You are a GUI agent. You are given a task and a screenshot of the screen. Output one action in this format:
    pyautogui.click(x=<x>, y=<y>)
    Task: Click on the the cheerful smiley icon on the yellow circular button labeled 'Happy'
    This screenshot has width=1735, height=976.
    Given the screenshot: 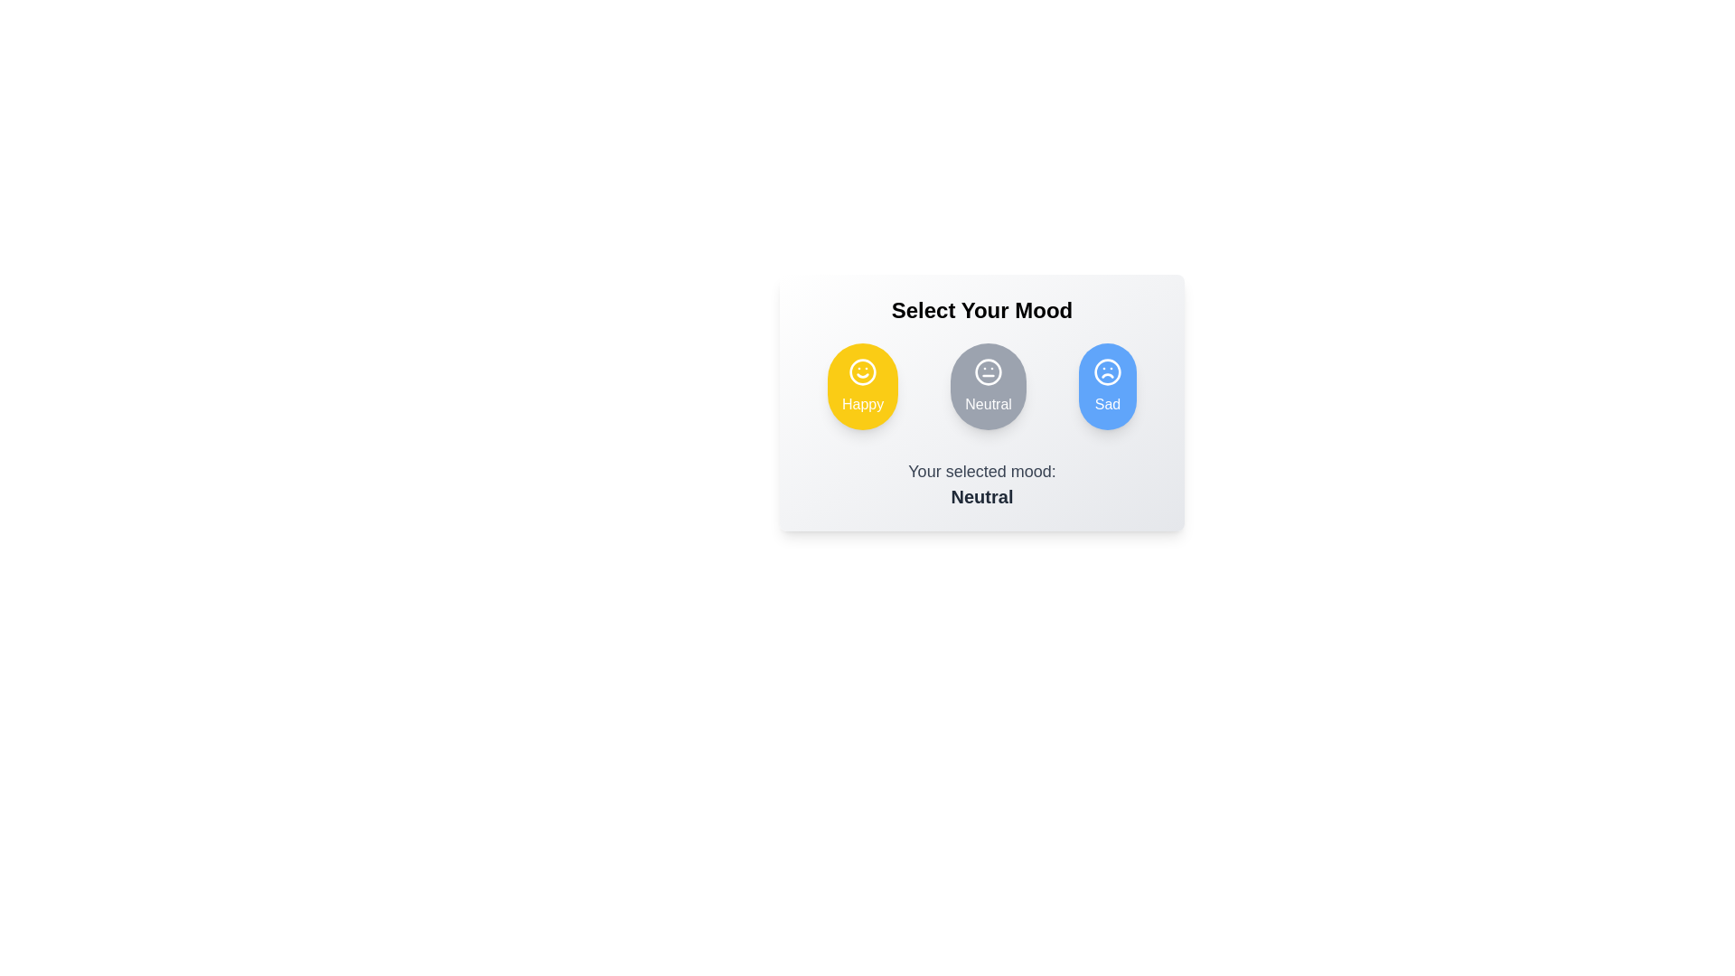 What is the action you would take?
    pyautogui.click(x=862, y=371)
    